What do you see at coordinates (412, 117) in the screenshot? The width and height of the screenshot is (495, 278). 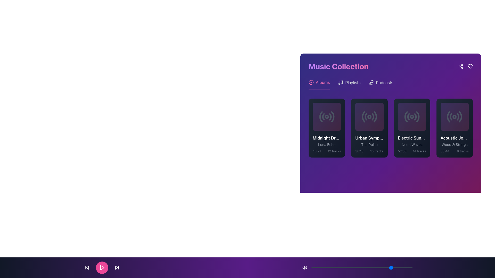 I see `the play button icon representing the media item titled 'Electric Sunset', which is the third item in the horizontal list of media items` at bounding box center [412, 117].